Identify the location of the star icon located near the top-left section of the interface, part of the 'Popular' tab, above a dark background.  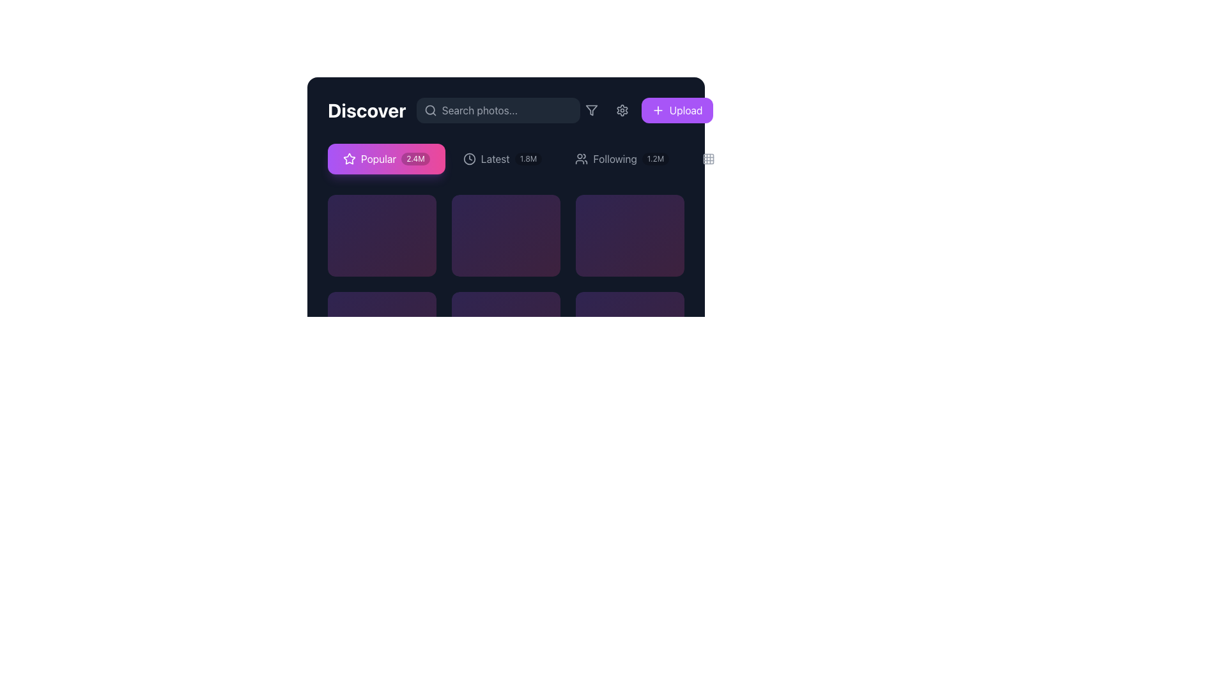
(350, 158).